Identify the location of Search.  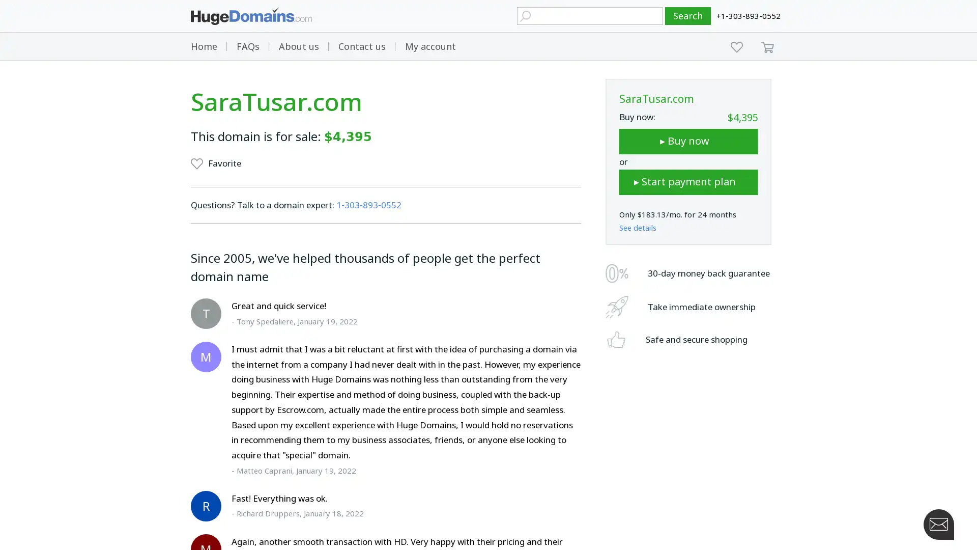
(688, 16).